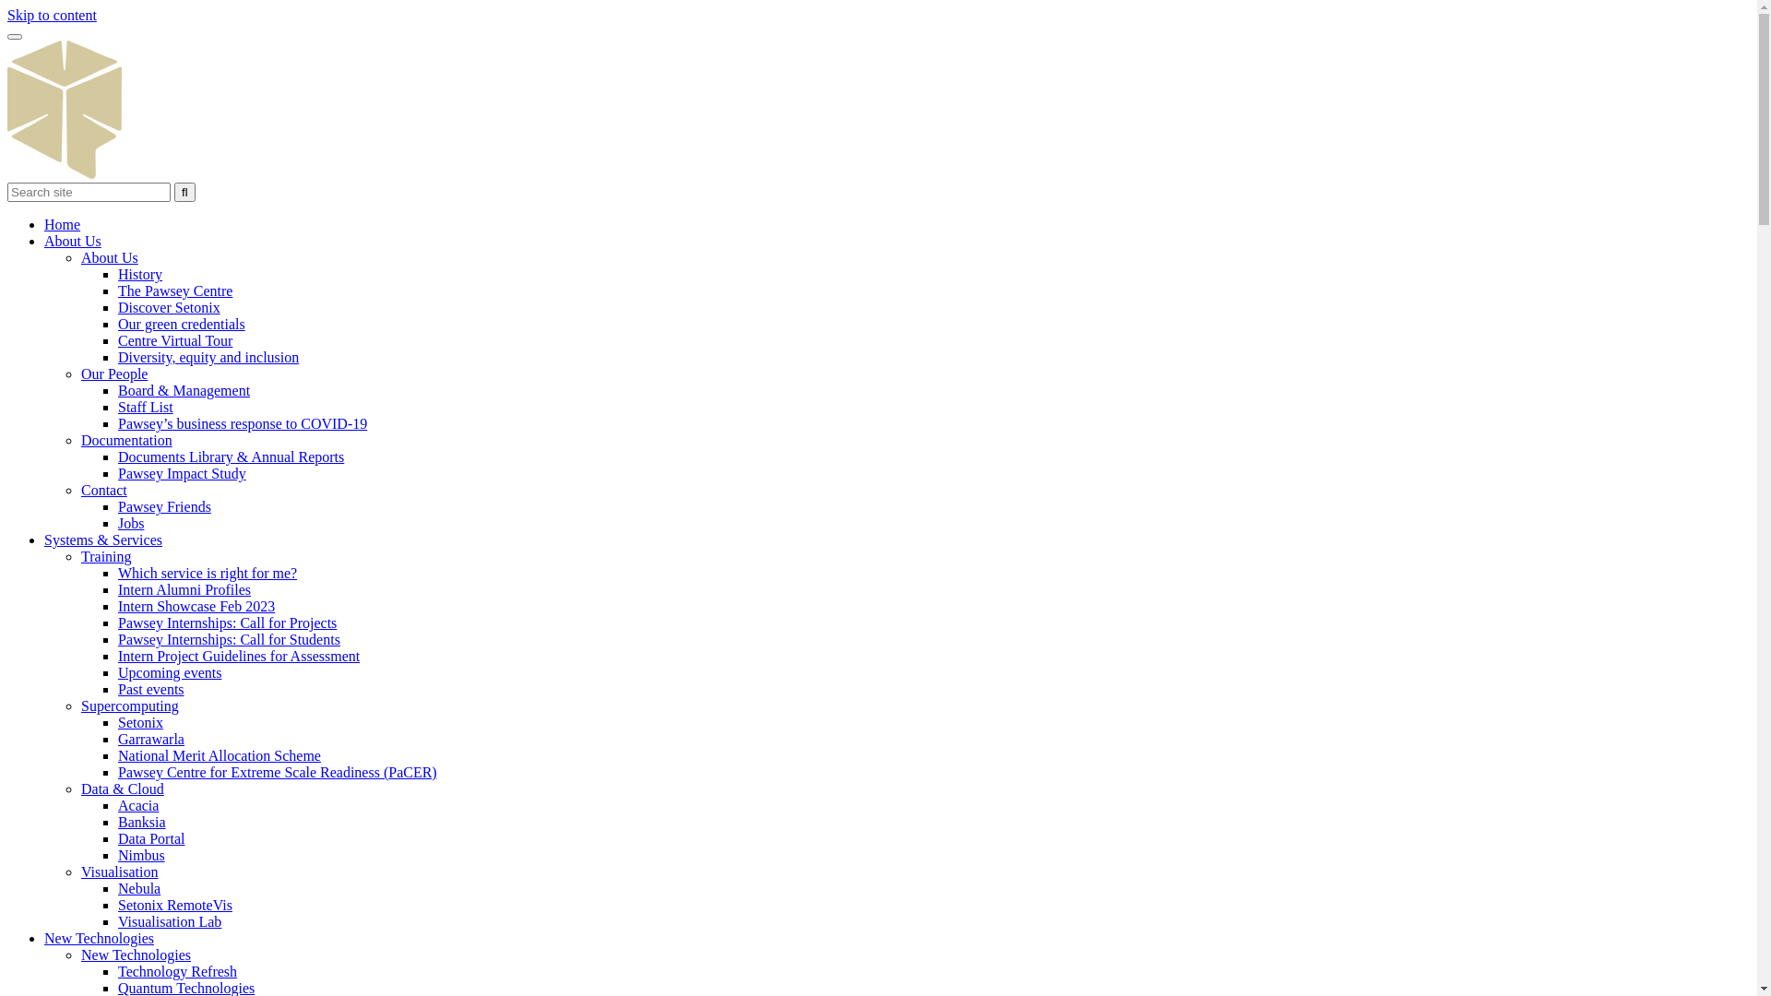 Image resolution: width=1771 pixels, height=996 pixels. I want to click on 'New Technologies', so click(135, 954).